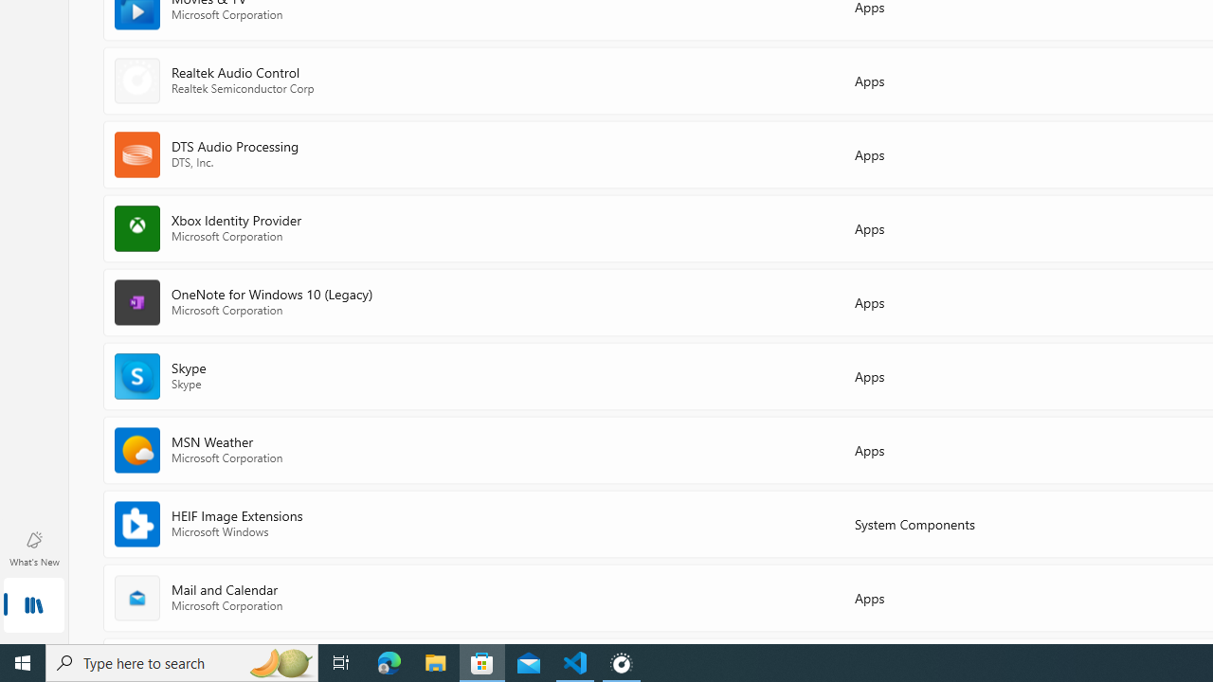 This screenshot has height=682, width=1213. Describe the element at coordinates (33, 547) in the screenshot. I see `'What'` at that location.